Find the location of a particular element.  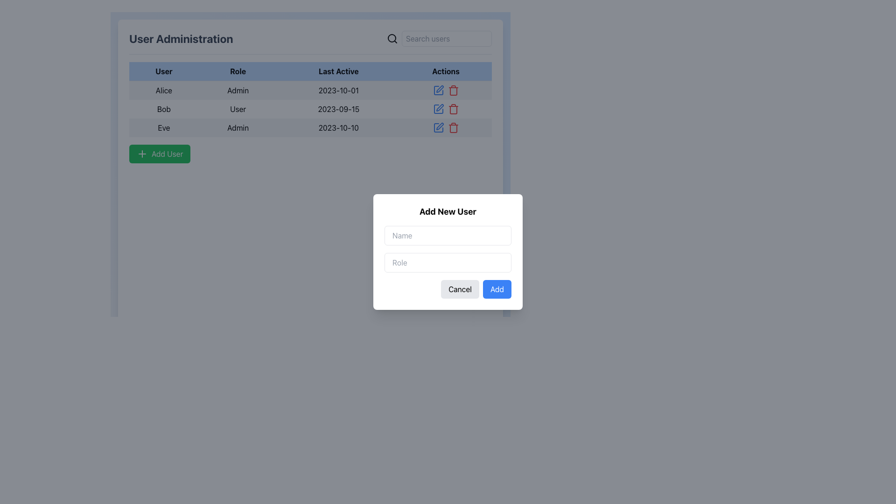

the text label displaying 'Bob' in bold, located in the 'User' column of the second row of the table in the 'User Administration' UI is located at coordinates (164, 109).